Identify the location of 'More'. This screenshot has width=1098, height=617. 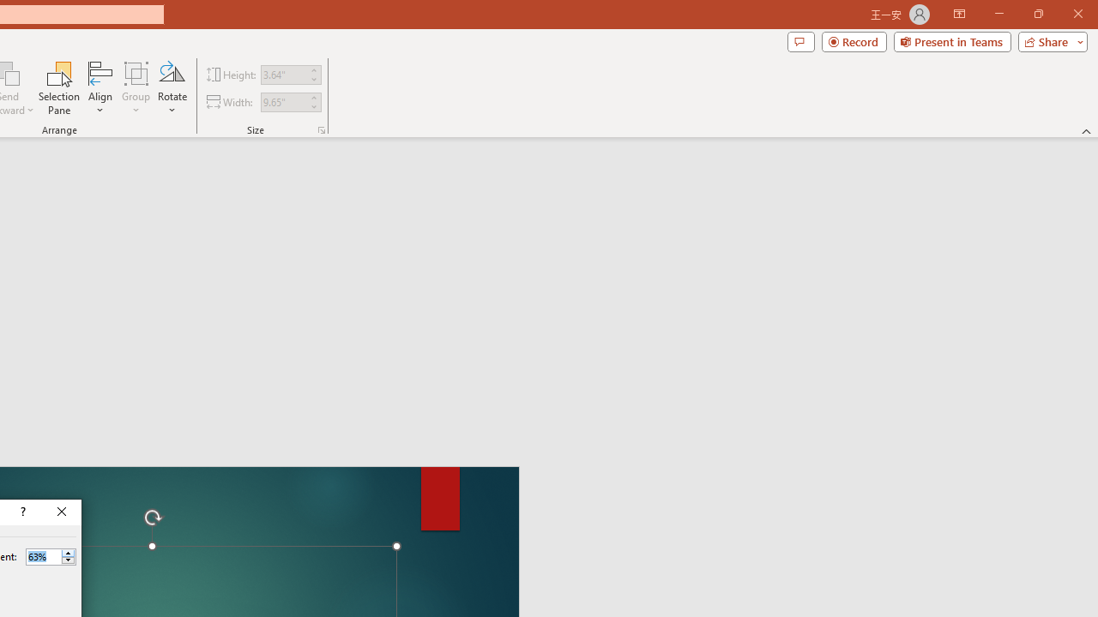
(68, 553).